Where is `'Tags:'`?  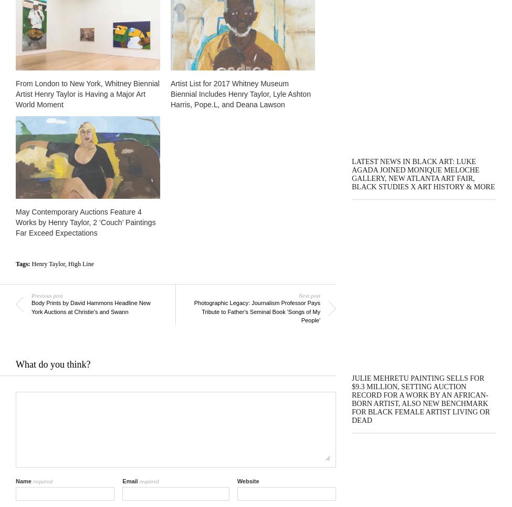
'Tags:' is located at coordinates (24, 263).